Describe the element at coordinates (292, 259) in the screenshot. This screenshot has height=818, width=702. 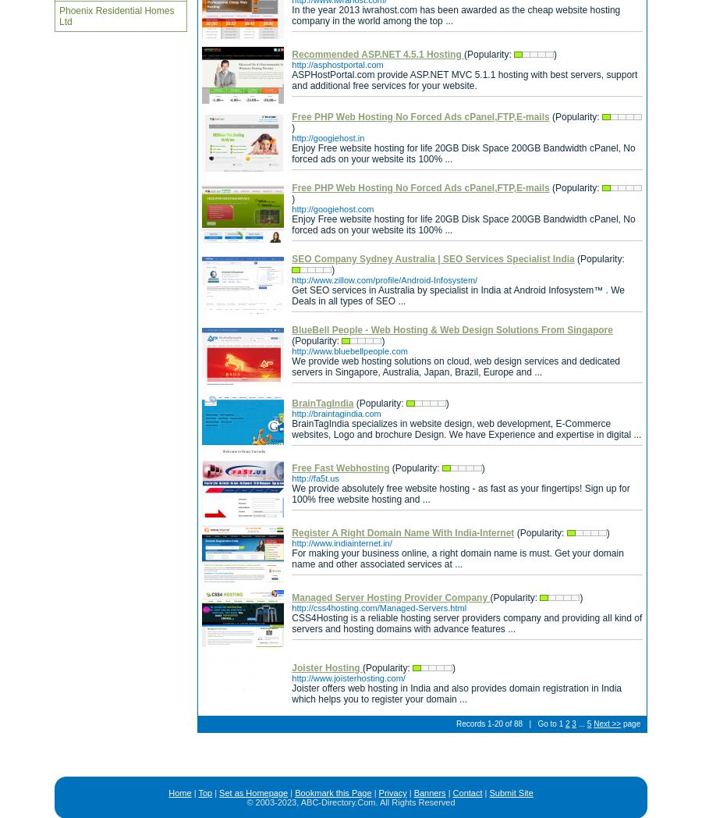
I see `'SEO Company Sydney Australia | SEO Services Specialist India'` at that location.